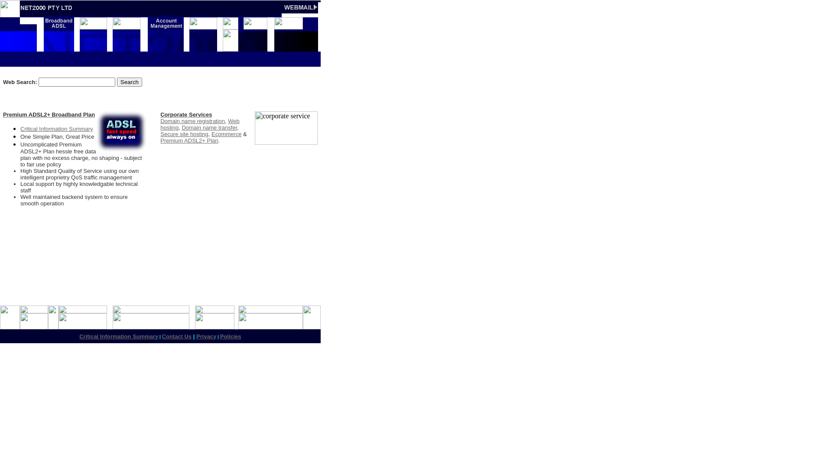 The height and width of the screenshot is (468, 832). Describe the element at coordinates (209, 127) in the screenshot. I see `'Domain name transfer'` at that location.